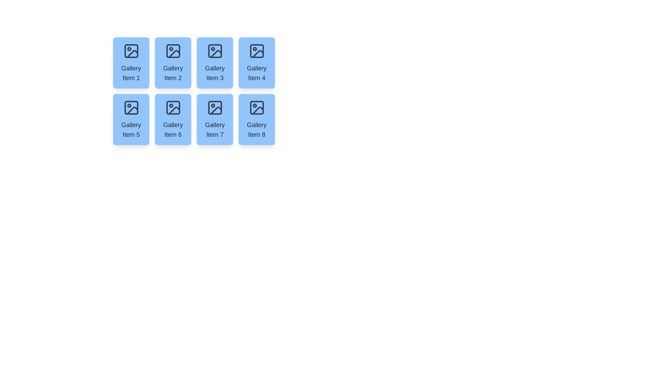  I want to click on the blue rectangular card with rounded corners labeled 'Gallery Item 7', located in the second row and third column of the grid layout, so click(214, 119).